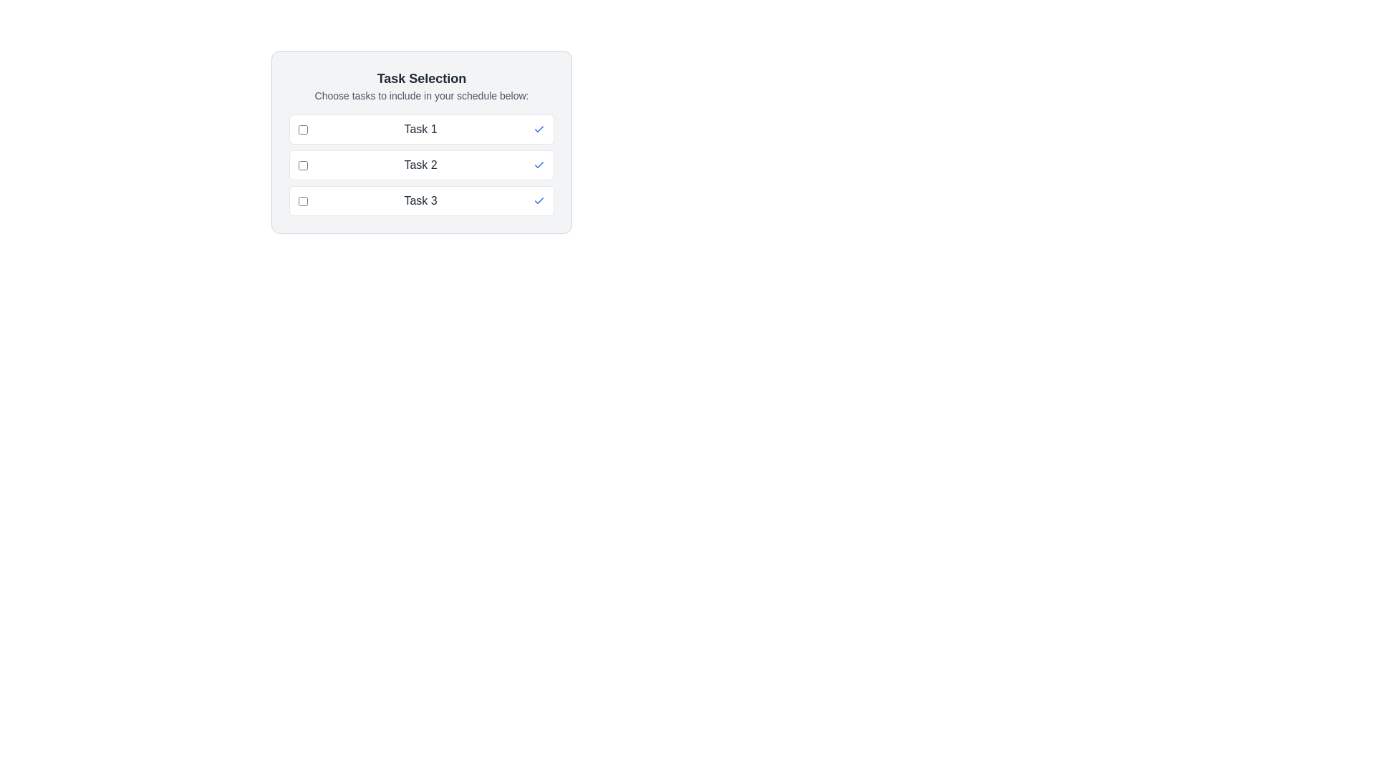 This screenshot has width=1375, height=773. I want to click on task name from the list of selectable items located in the middle section of the card titled 'Task Selection', so click(421, 165).